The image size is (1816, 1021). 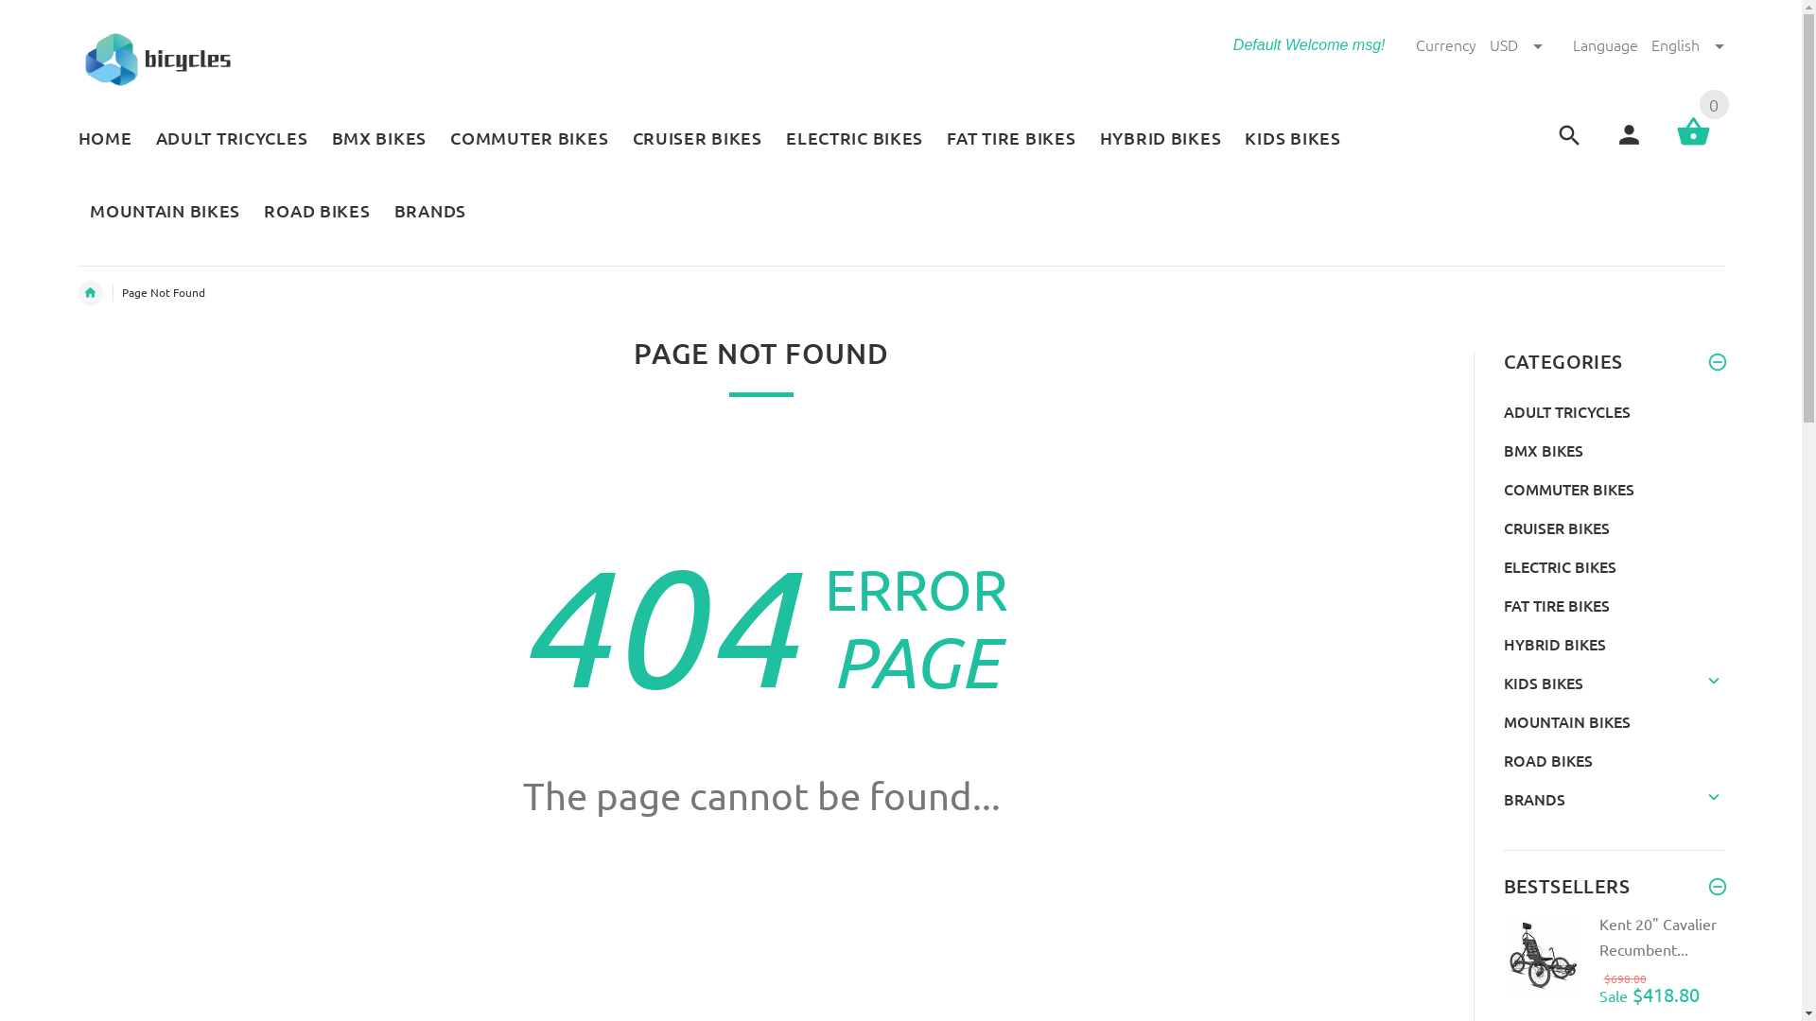 What do you see at coordinates (423, 213) in the screenshot?
I see `'BRANDS'` at bounding box center [423, 213].